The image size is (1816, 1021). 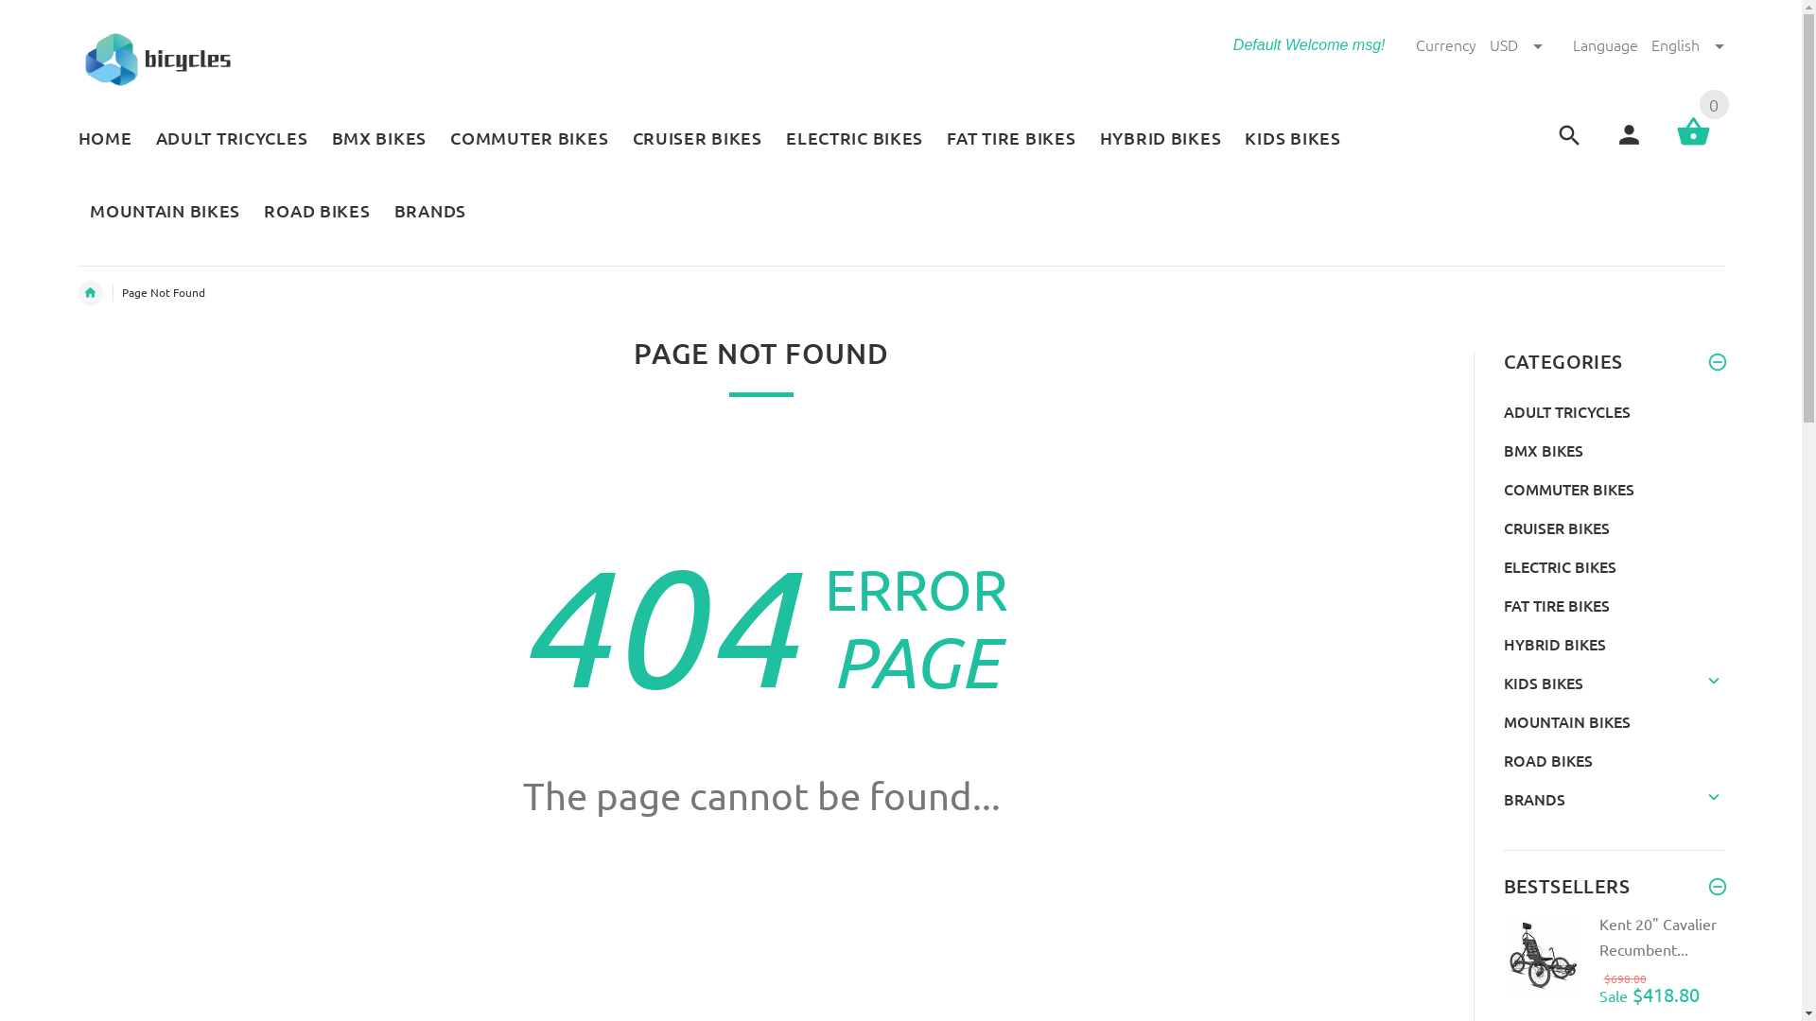 What do you see at coordinates (423, 213) in the screenshot?
I see `'BRANDS'` at bounding box center [423, 213].